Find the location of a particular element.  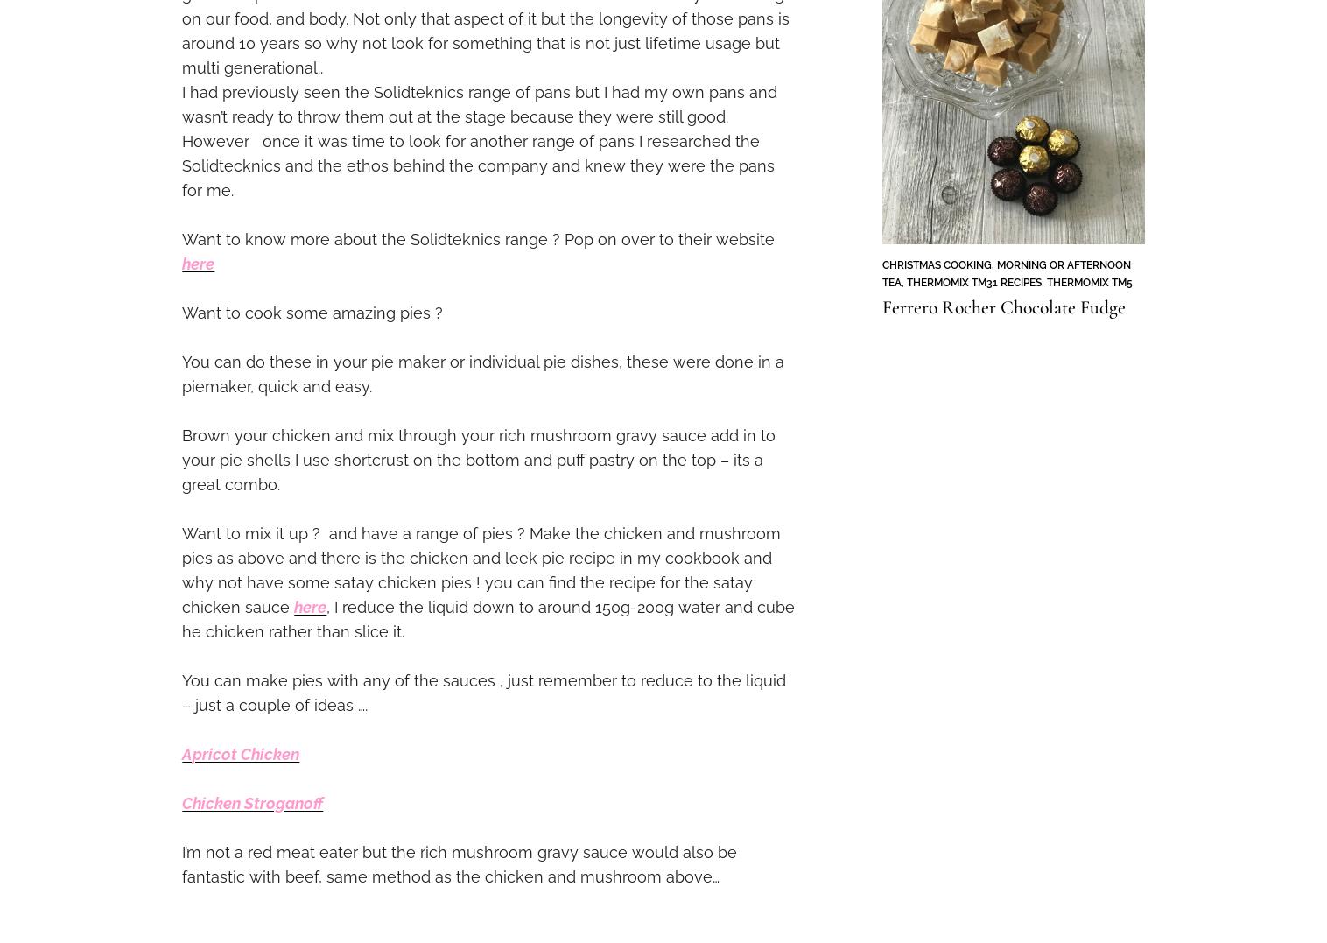

', I reduce the liquid down to around 150g-200g water and cube he chicken rather than slice it.' is located at coordinates (488, 618).